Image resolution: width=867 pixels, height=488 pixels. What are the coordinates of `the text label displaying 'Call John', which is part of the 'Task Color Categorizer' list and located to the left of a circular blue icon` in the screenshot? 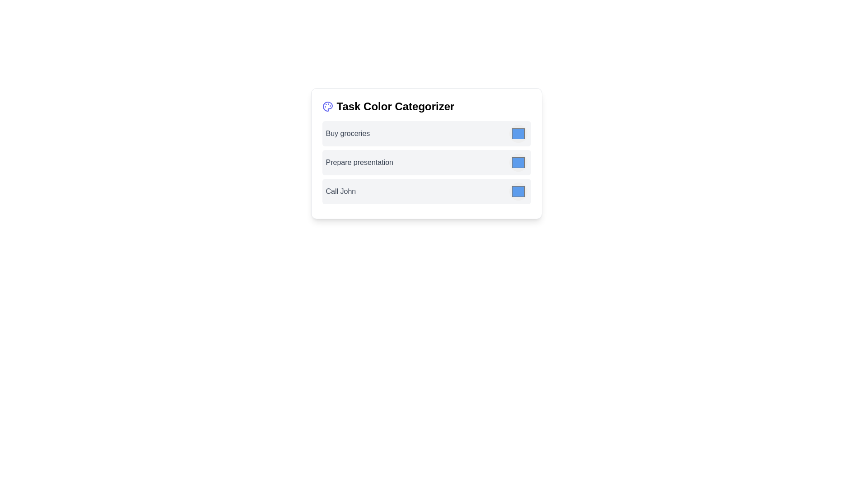 It's located at (340, 191).